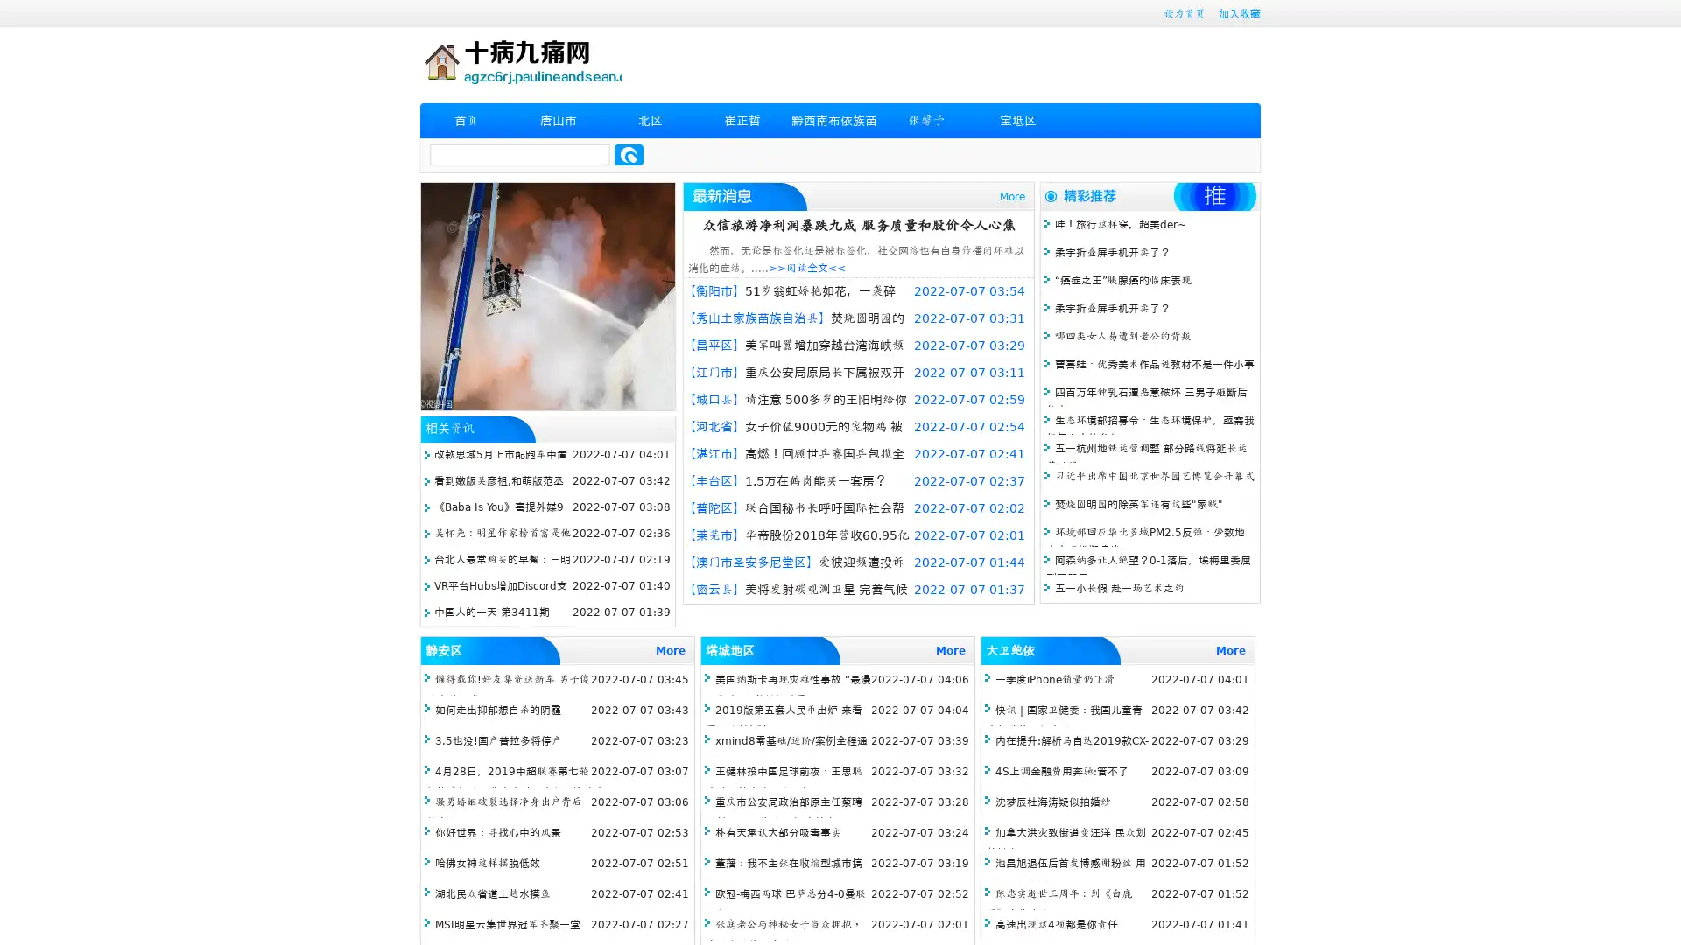 This screenshot has height=945, width=1681. What do you see at coordinates (629, 154) in the screenshot?
I see `Search` at bounding box center [629, 154].